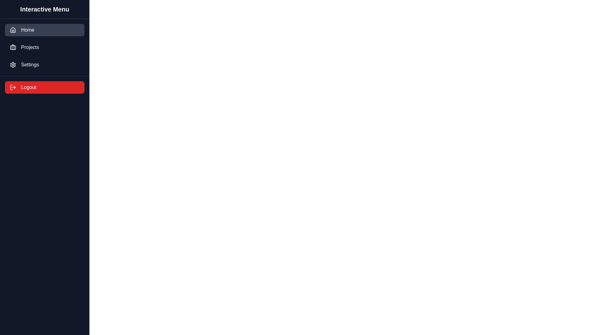 This screenshot has width=596, height=335. I want to click on the gear-shaped icon located in the left sidebar menu, near the 'Settings' option, so click(13, 65).